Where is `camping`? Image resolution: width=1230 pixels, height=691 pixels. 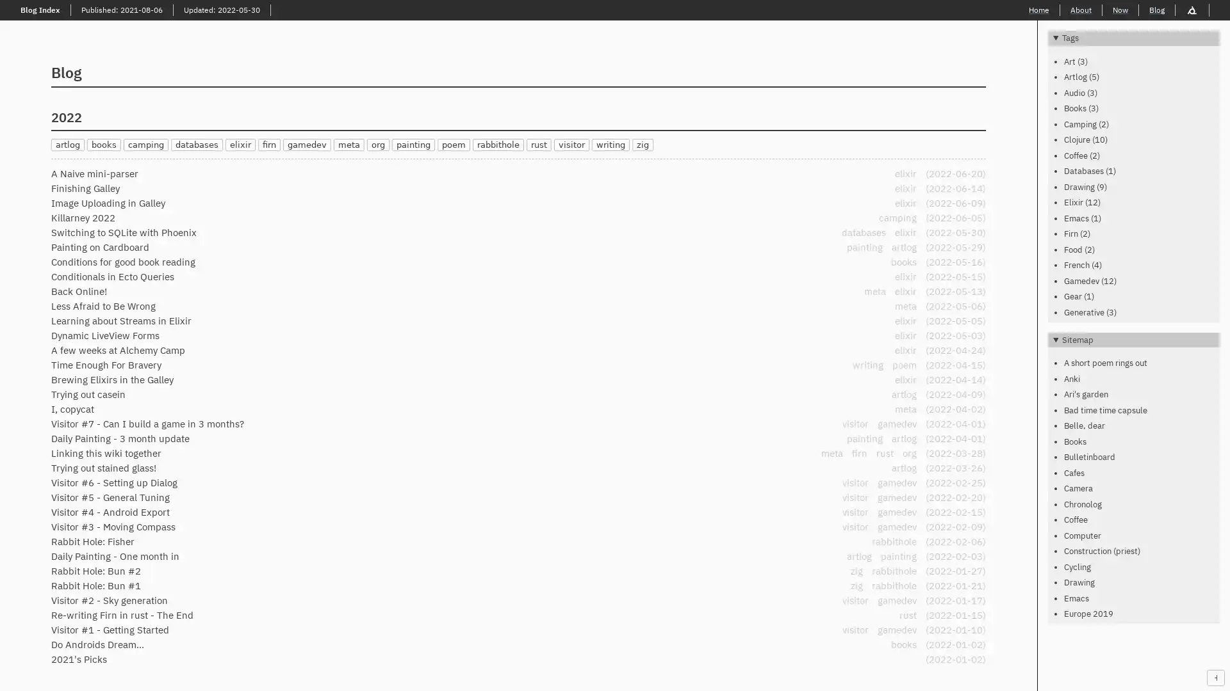
camping is located at coordinates (146, 144).